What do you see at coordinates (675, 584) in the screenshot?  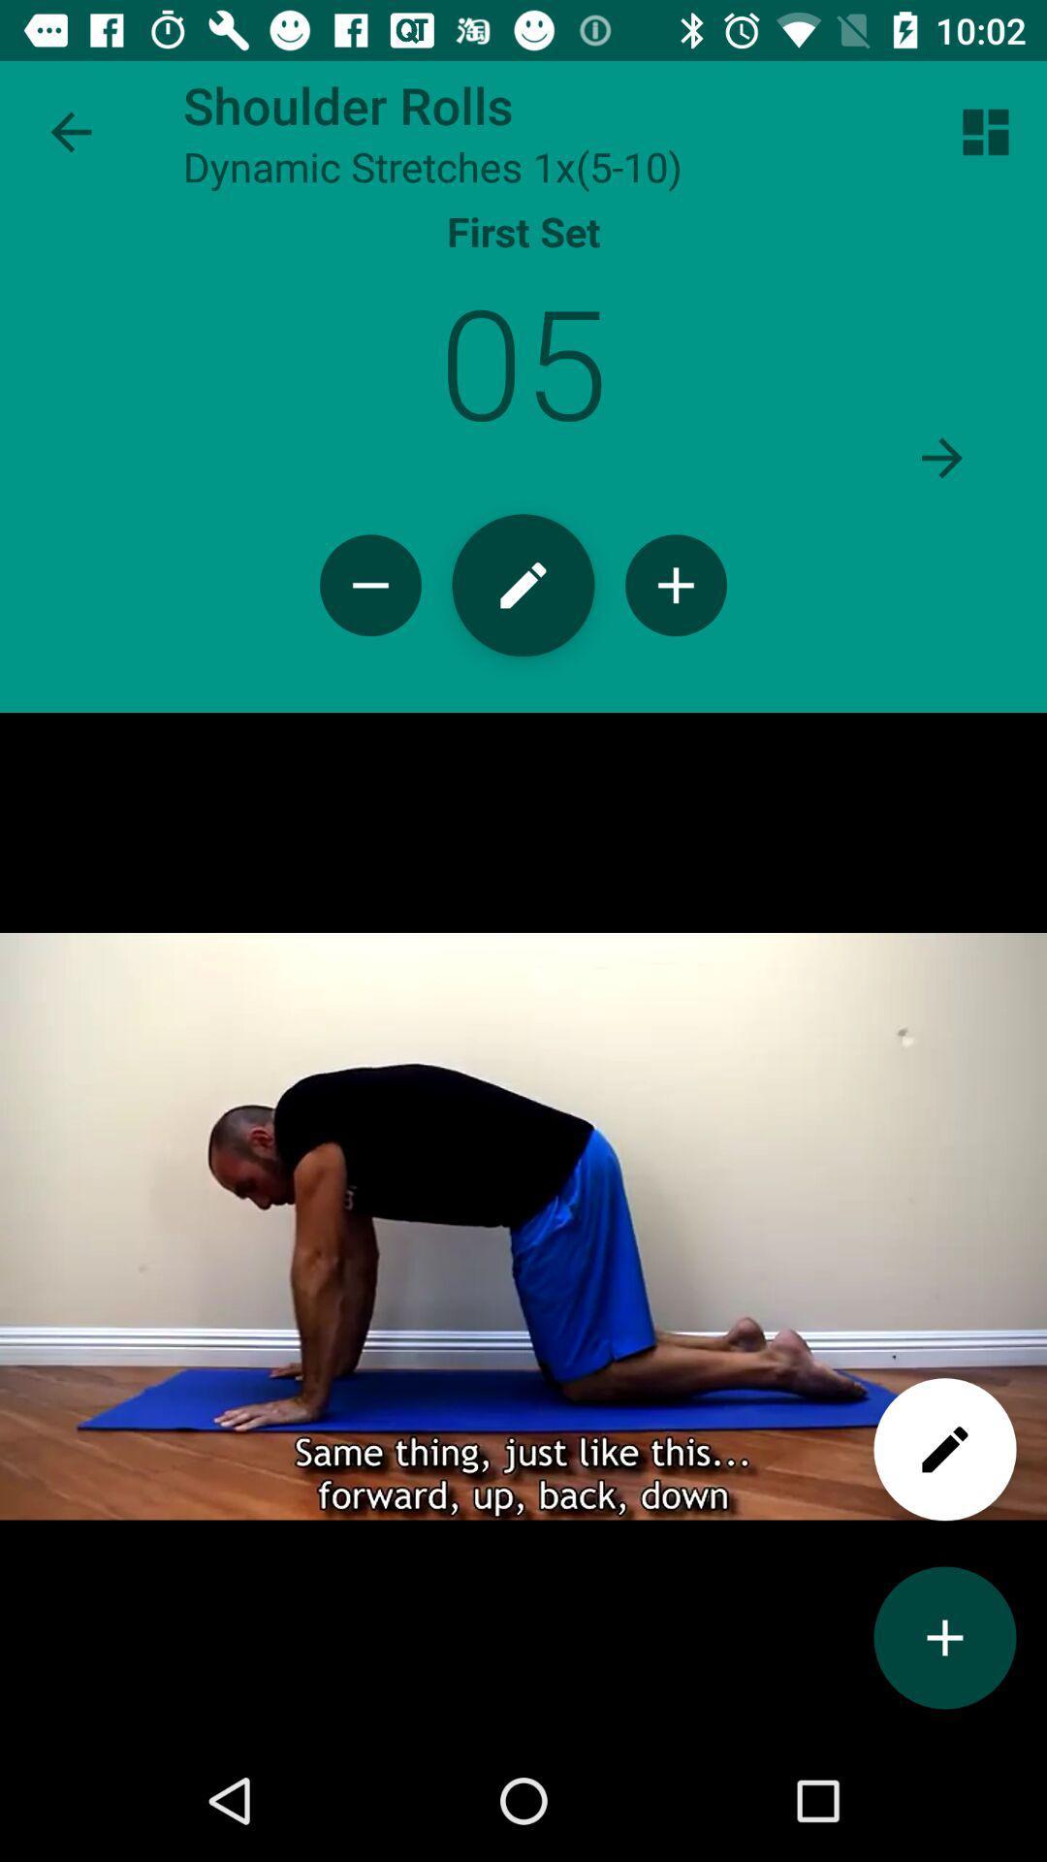 I see `incerase` at bounding box center [675, 584].